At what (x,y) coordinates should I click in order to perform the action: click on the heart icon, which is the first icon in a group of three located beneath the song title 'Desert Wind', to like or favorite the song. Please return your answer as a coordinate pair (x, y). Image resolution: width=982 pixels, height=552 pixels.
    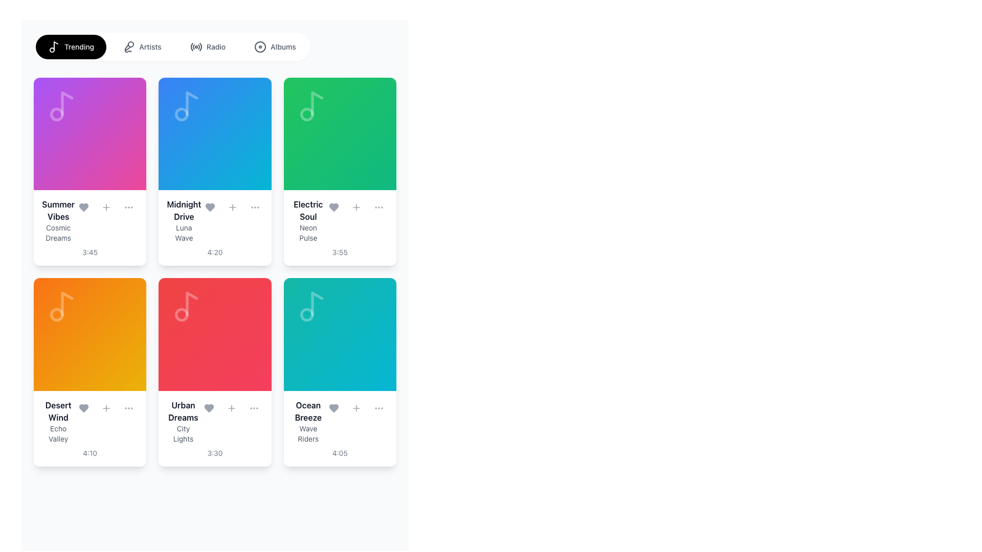
    Looking at the image, I should click on (84, 407).